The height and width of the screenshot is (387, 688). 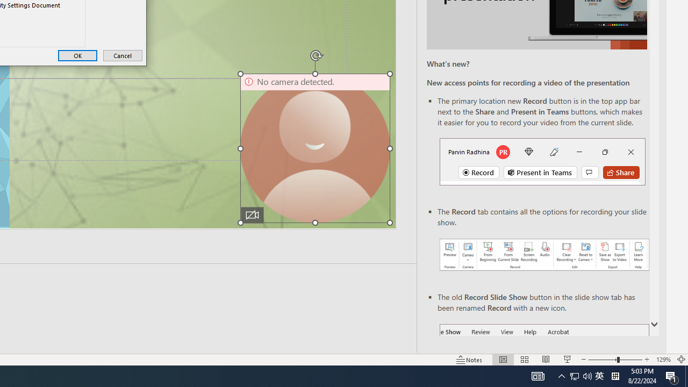 What do you see at coordinates (672, 375) in the screenshot?
I see `'Action Center, 1 new notification'` at bounding box center [672, 375].